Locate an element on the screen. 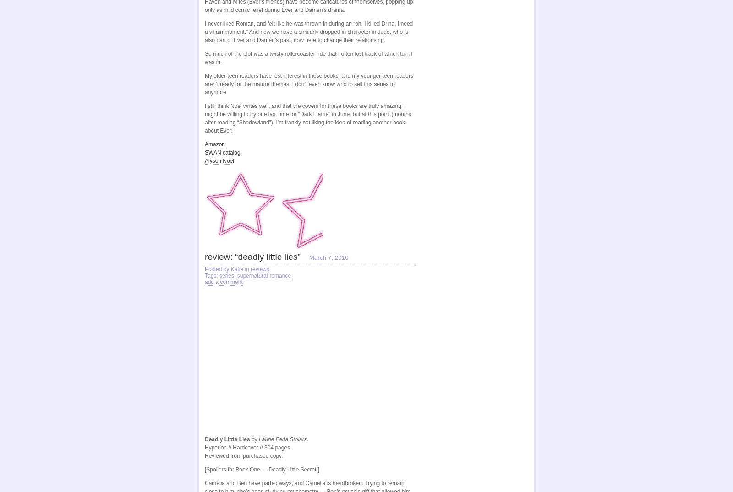 The height and width of the screenshot is (492, 733). 'review: “deadly little lies”' is located at coordinates (252, 256).